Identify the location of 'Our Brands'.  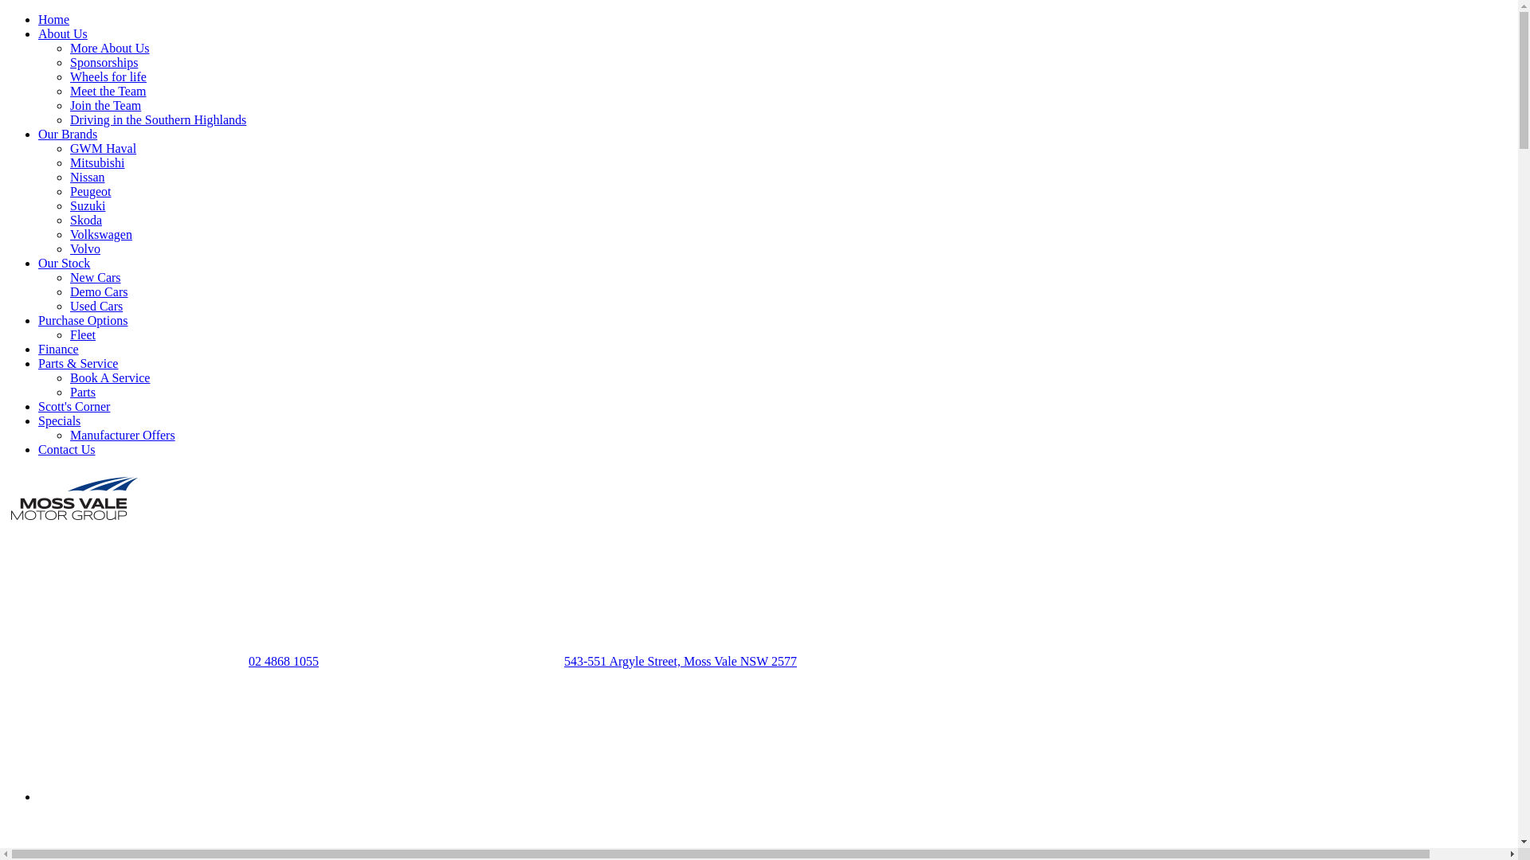
(38, 133).